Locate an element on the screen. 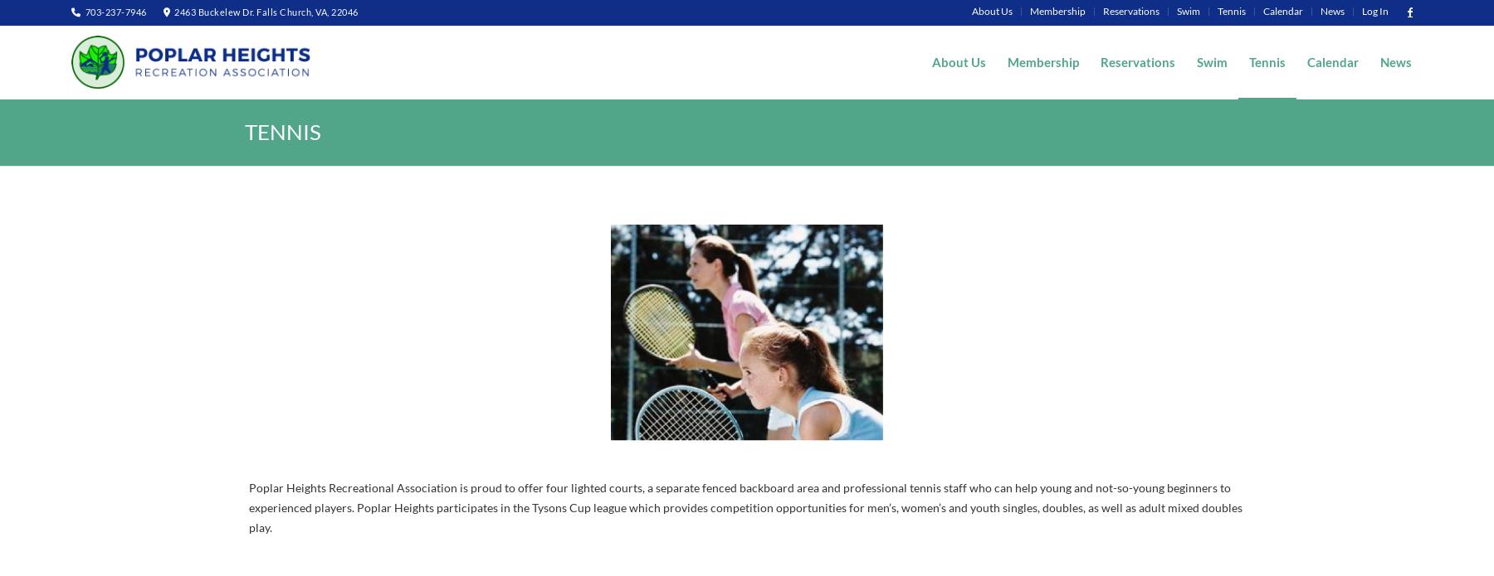  'Poplar Heights Recreational Association is proud to offer four lighted courts, a separate fenced backboard area and professional tennis staff who can help young and not-so-young beginners to experienced players. Poplar Heights participates in the Tysons Cup league which provides competition opportunities for men’s, women’s and youth singles, doubles, as well as adult mixed doubles play.' is located at coordinates (745, 507).